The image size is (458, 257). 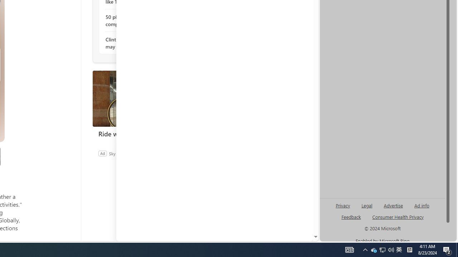 I want to click on 'Clint Eastwood: The life story you may not know', so click(x=144, y=43).